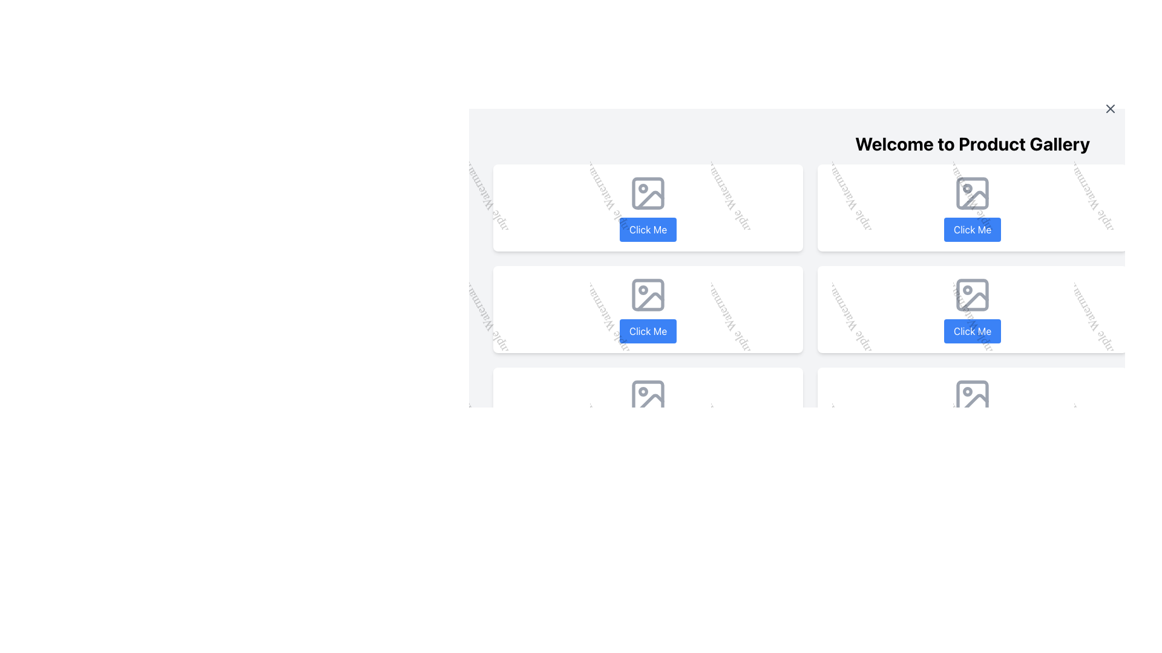  I want to click on the square frame icon with a rounded outline located in the second column of the bottom row of a grid layout, which contains a circular shape in the top-left area and a slanted line dividing the frame, so click(973, 396).